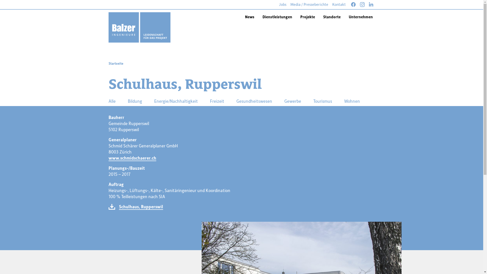 This screenshot has height=274, width=487. What do you see at coordinates (108, 63) in the screenshot?
I see `'Startseite'` at bounding box center [108, 63].